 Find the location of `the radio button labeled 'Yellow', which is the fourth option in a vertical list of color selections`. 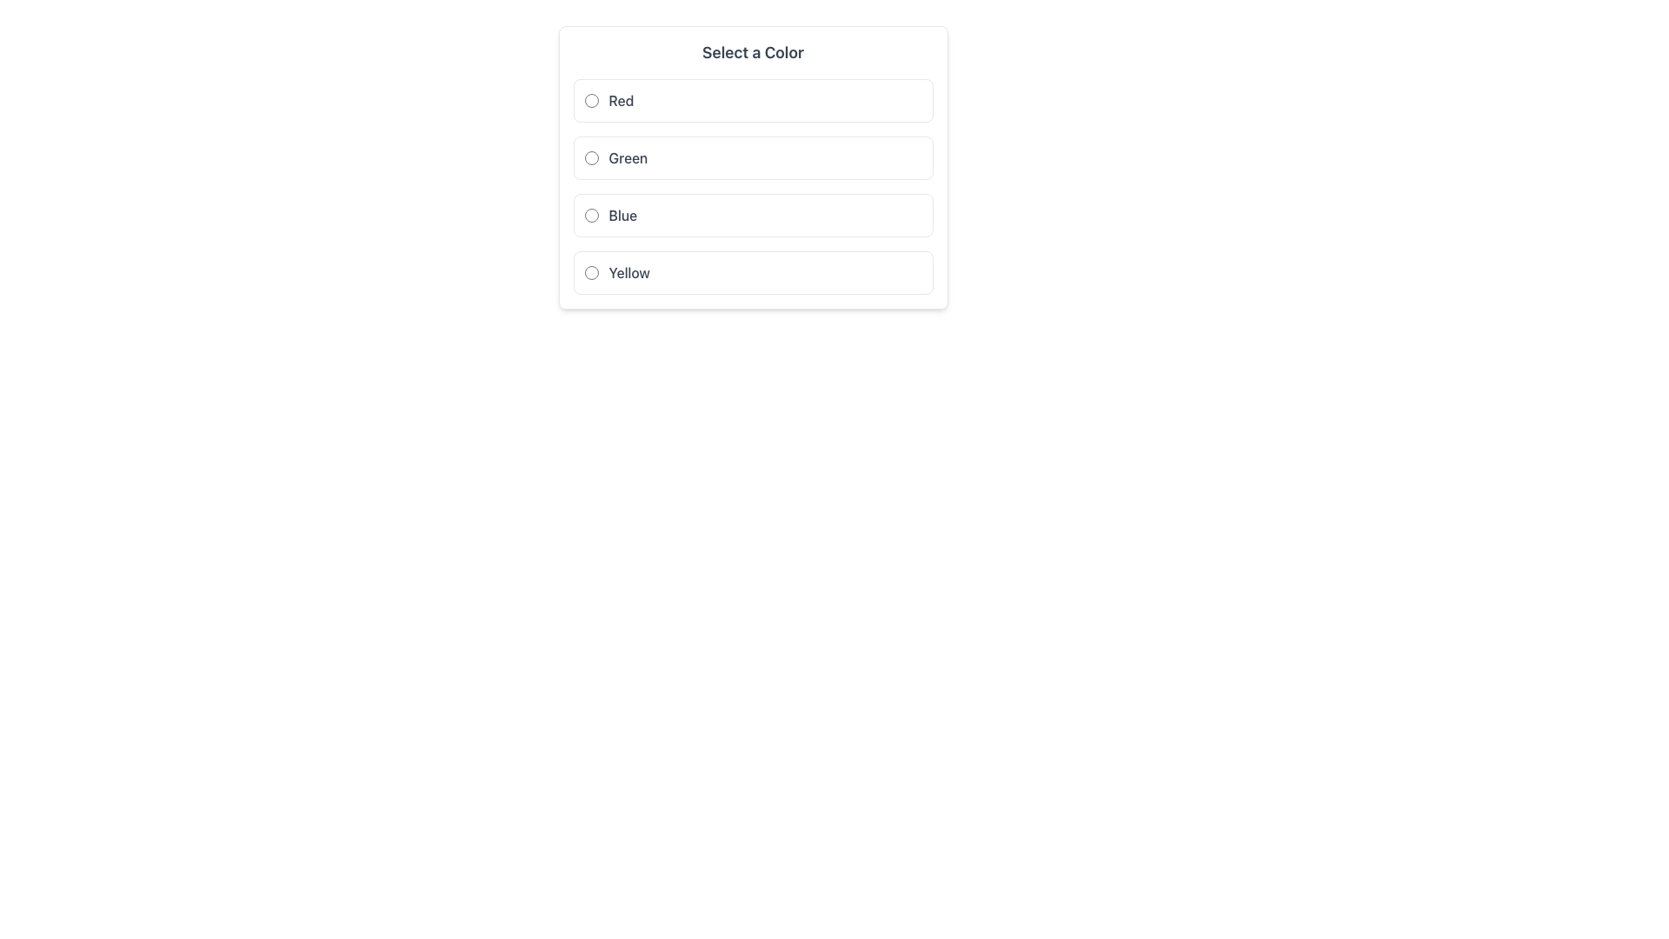

the radio button labeled 'Yellow', which is the fourth option in a vertical list of color selections is located at coordinates (591, 272).